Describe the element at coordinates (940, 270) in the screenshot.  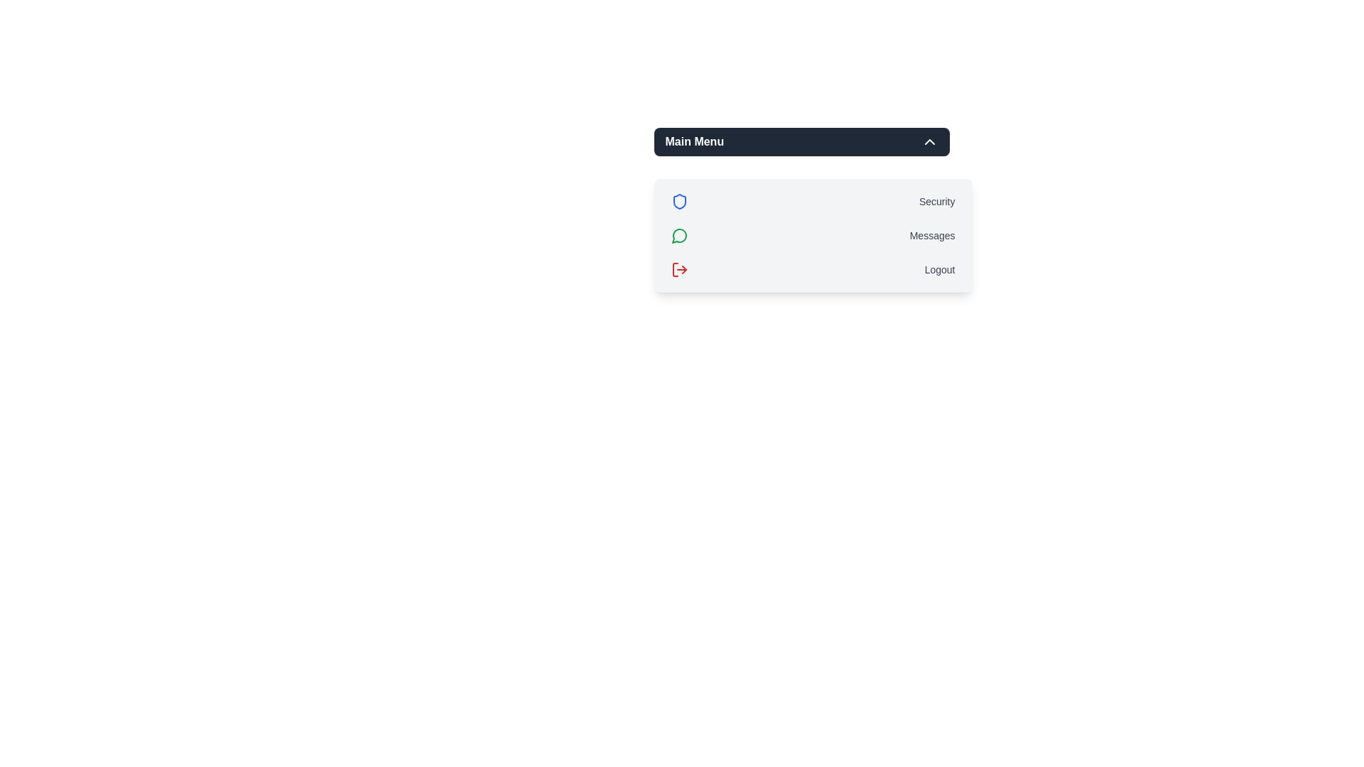
I see `the logout text label located at the rightmost item of the last row in the dropdown menu, indicating the logout action` at that location.